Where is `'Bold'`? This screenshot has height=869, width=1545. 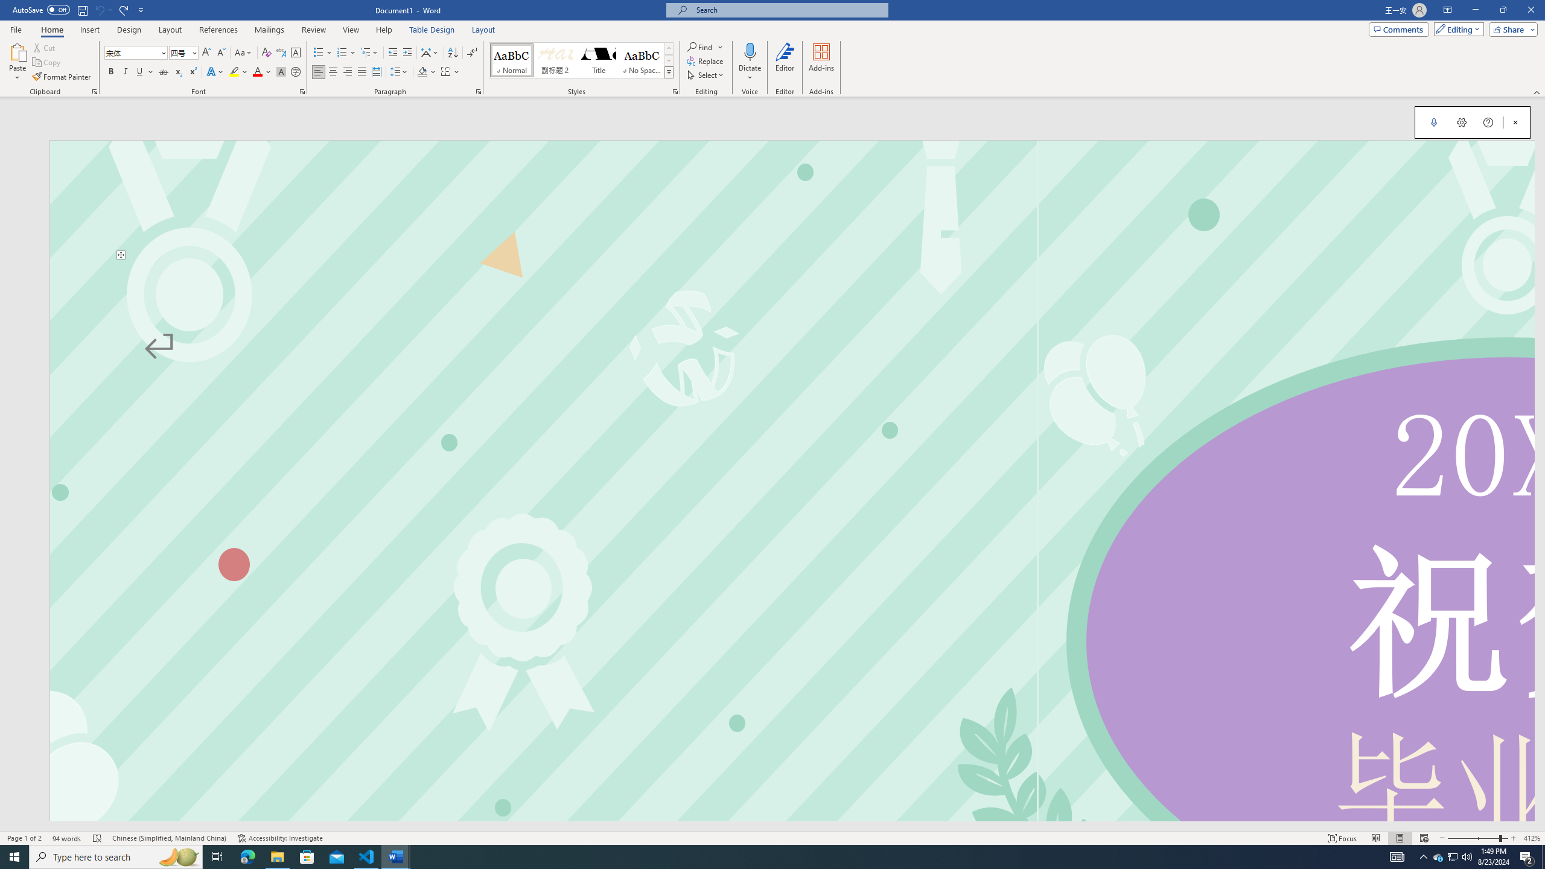
'Bold' is located at coordinates (110, 71).